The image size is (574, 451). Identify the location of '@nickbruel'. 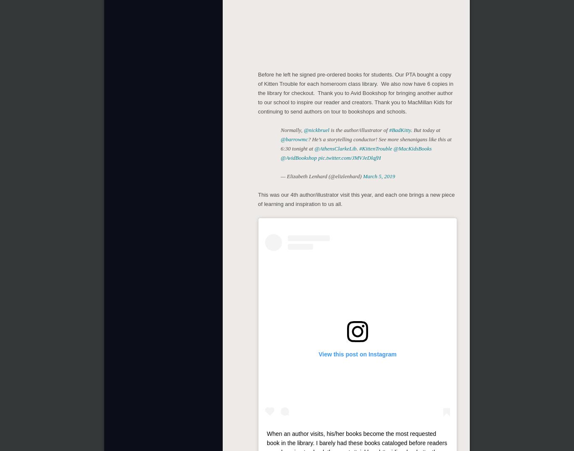
(316, 130).